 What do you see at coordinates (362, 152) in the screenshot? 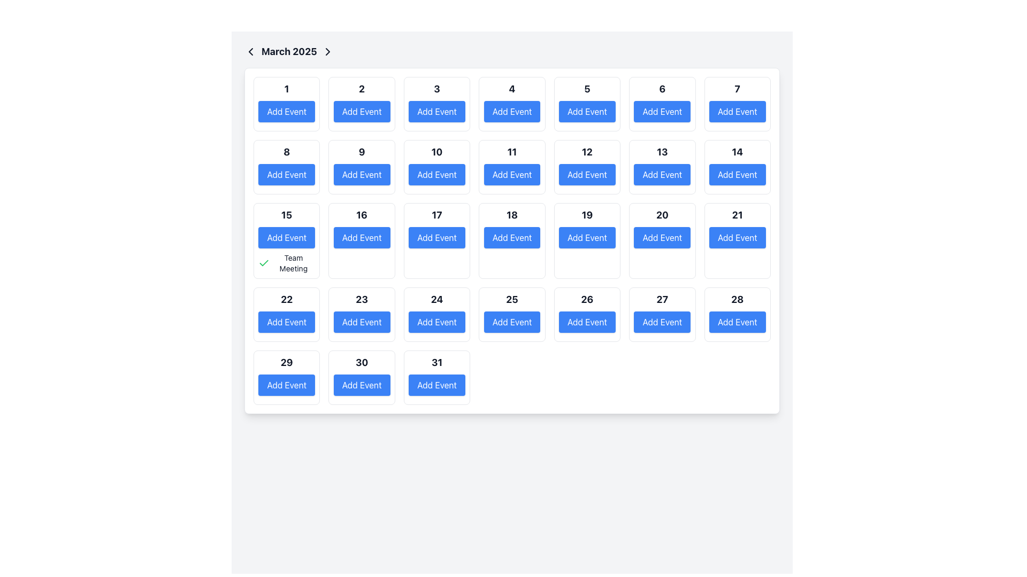
I see `the Text Display element that shows the numeral '9' with bold formatting and a larger font size, located in the second row, third column of the calendar layout` at bounding box center [362, 152].